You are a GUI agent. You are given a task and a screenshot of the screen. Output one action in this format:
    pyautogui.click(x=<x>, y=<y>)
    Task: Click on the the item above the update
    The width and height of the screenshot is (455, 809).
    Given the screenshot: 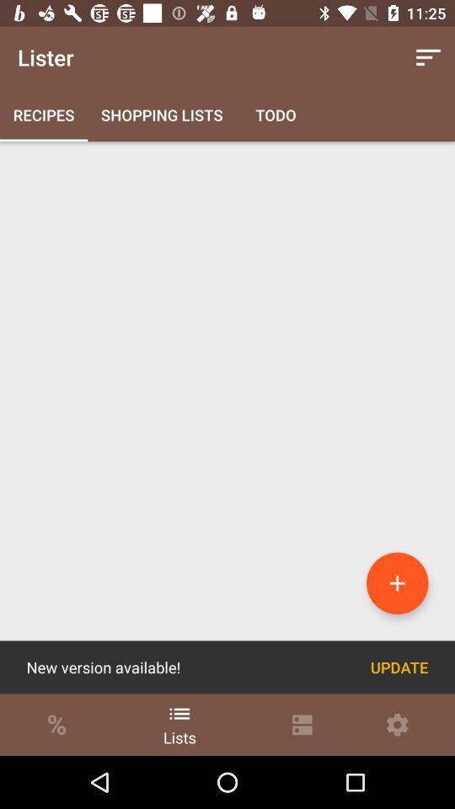 What is the action you would take?
    pyautogui.click(x=397, y=583)
    